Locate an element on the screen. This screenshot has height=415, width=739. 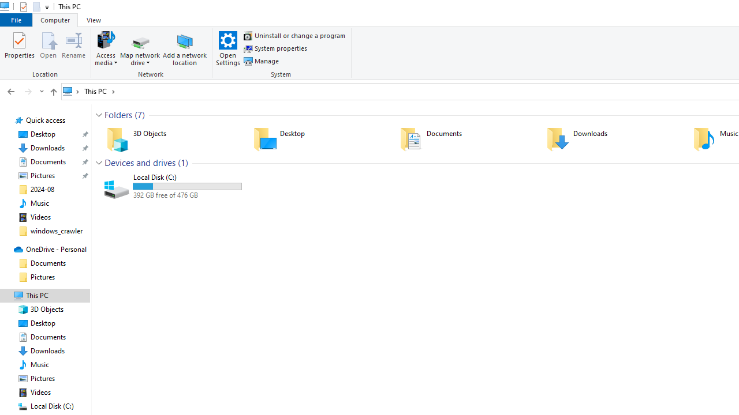
'Computer' is located at coordinates (54, 20).